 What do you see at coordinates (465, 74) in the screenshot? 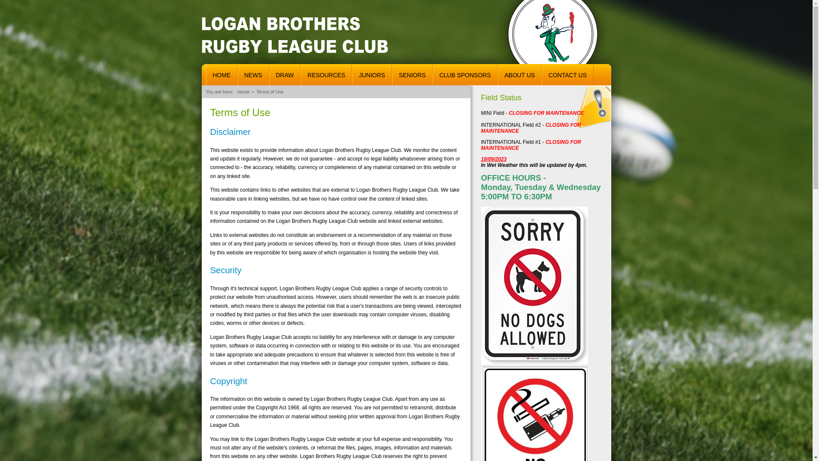
I see `'CLUB SPONSORS'` at bounding box center [465, 74].